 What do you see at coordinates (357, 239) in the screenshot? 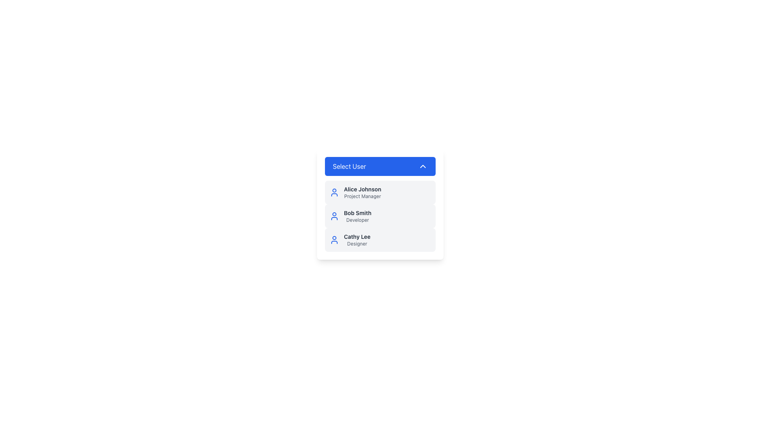
I see `the Text Label element displaying 'Cathy Lee' and 'Designer'` at bounding box center [357, 239].